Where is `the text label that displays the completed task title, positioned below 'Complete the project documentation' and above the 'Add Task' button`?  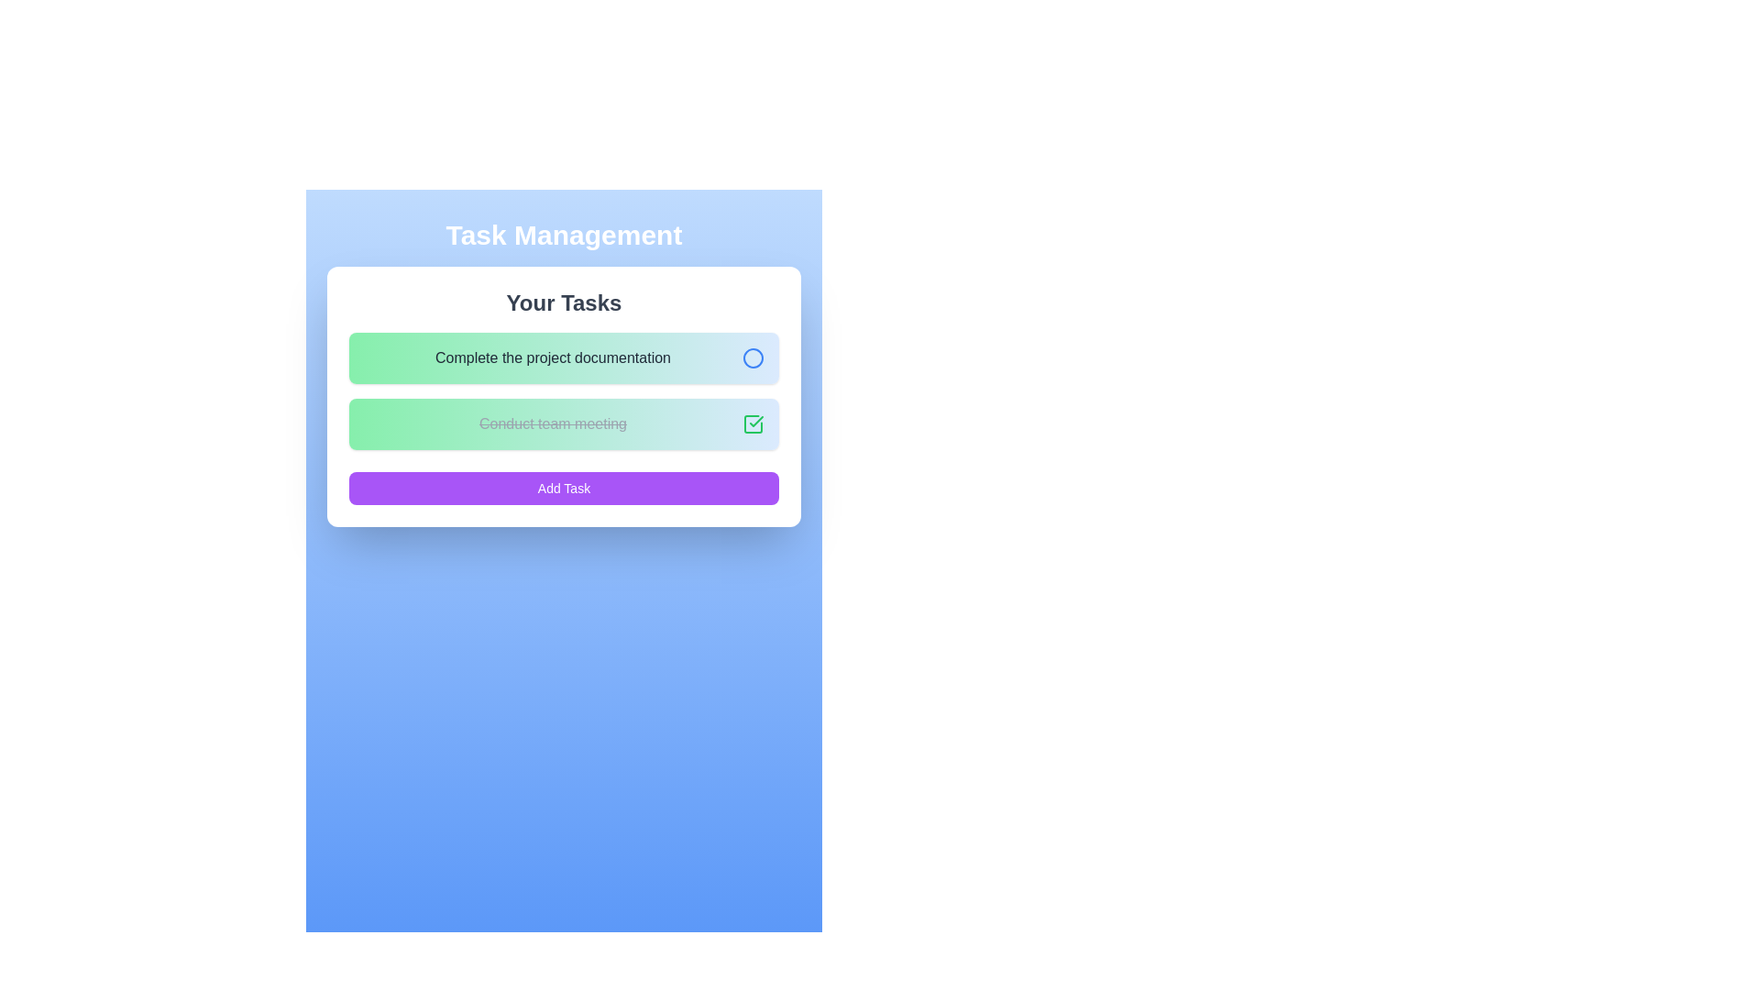 the text label that displays the completed task title, positioned below 'Complete the project documentation' and above the 'Add Task' button is located at coordinates (552, 423).